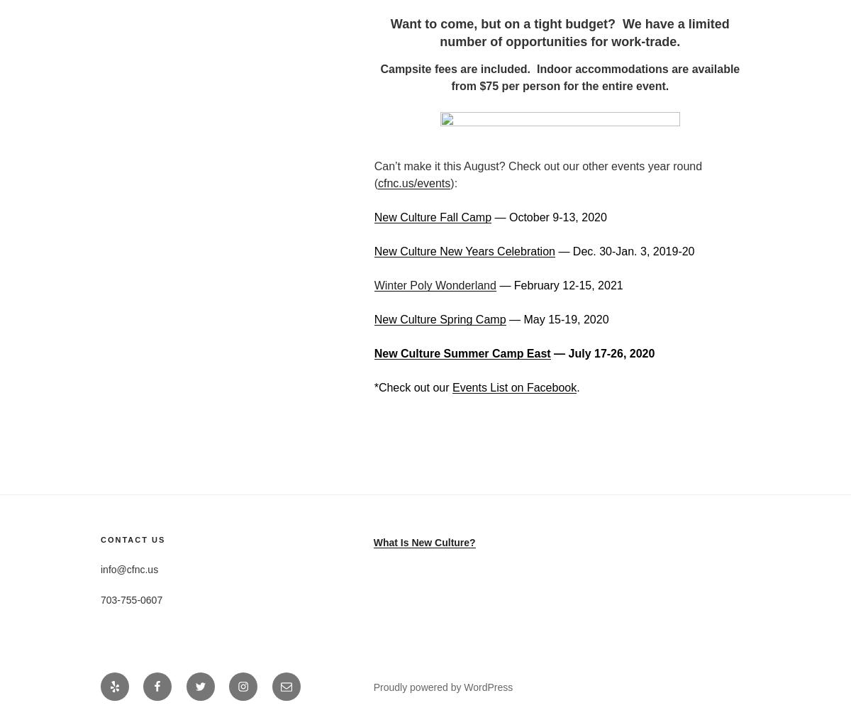 This screenshot has height=720, width=851. What do you see at coordinates (100, 539) in the screenshot?
I see `'Contact Us'` at bounding box center [100, 539].